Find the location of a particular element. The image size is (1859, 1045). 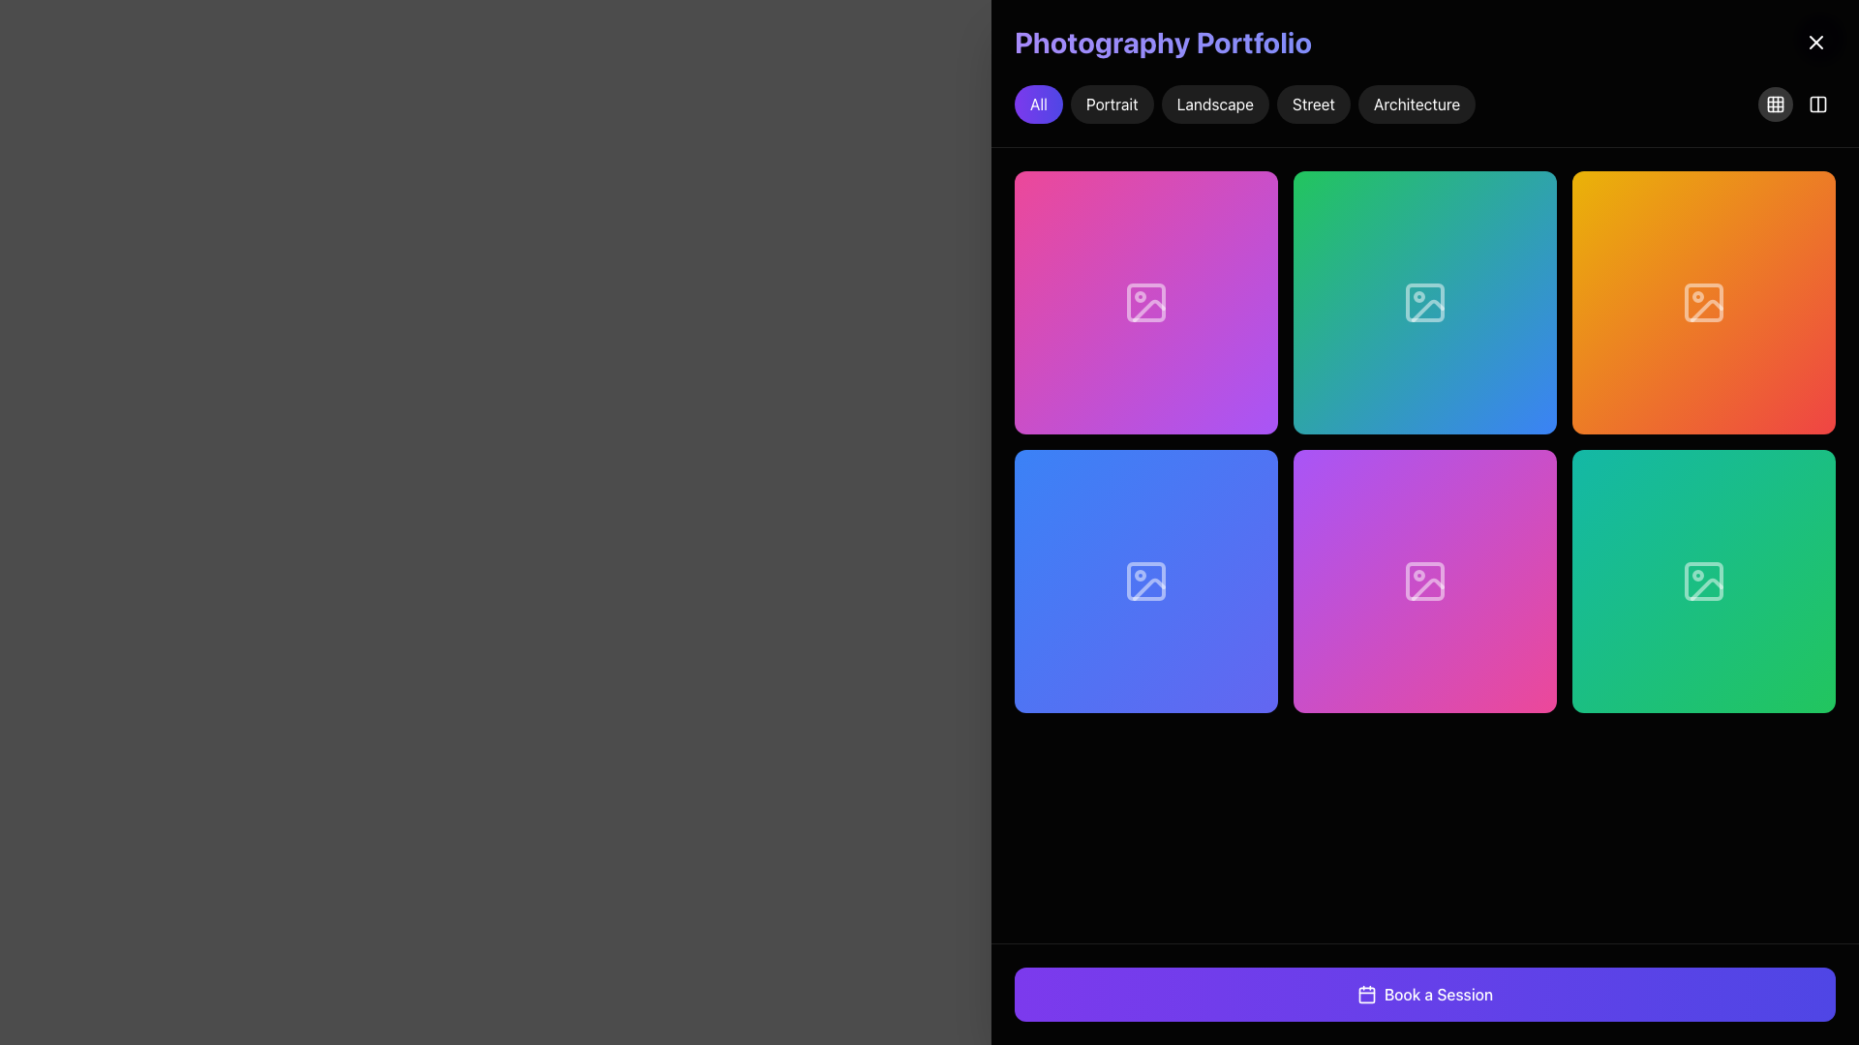

the horizontal interactive button group located in the third column of the second row of the grid, which allows users to like, share, or download content is located at coordinates (1146, 581).